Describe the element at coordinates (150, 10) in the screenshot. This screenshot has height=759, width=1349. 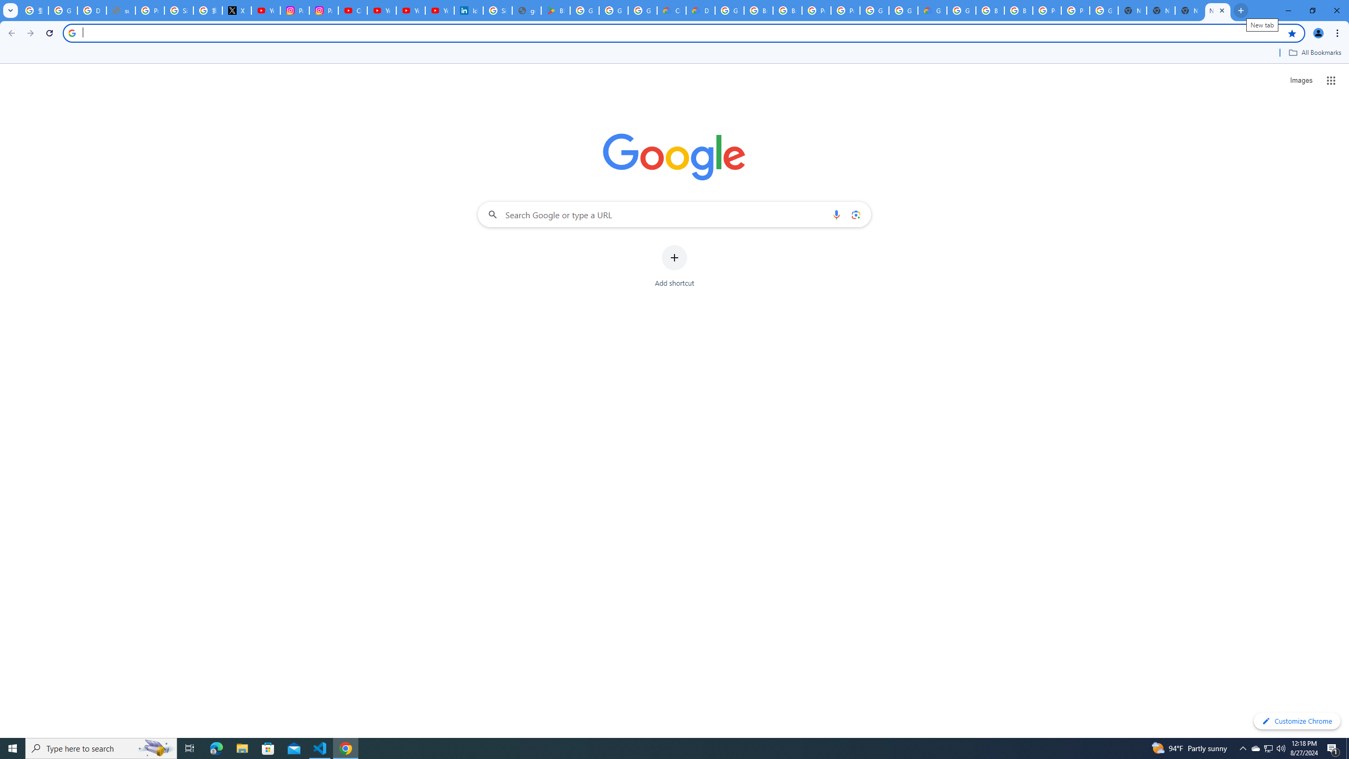
I see `'Privacy Help Center - Policies Help'` at that location.